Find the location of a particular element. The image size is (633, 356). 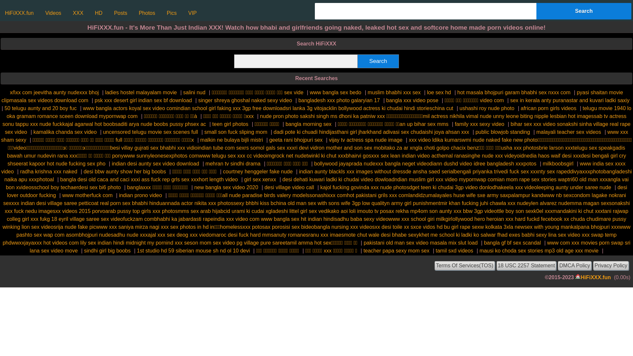

'Photos' is located at coordinates (147, 13).